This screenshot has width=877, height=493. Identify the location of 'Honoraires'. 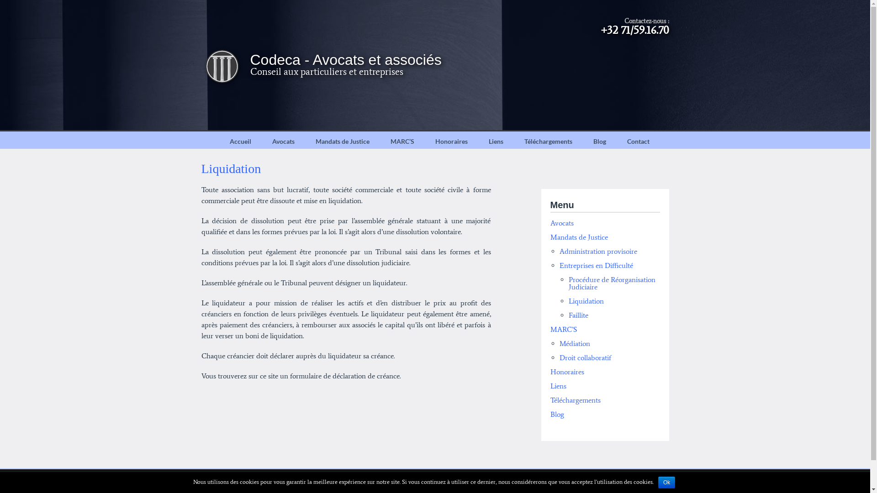
(566, 372).